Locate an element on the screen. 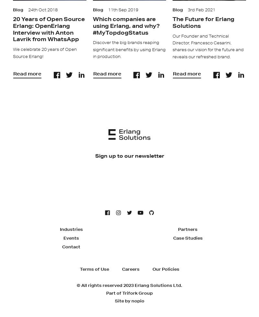  'Events' is located at coordinates (71, 237).